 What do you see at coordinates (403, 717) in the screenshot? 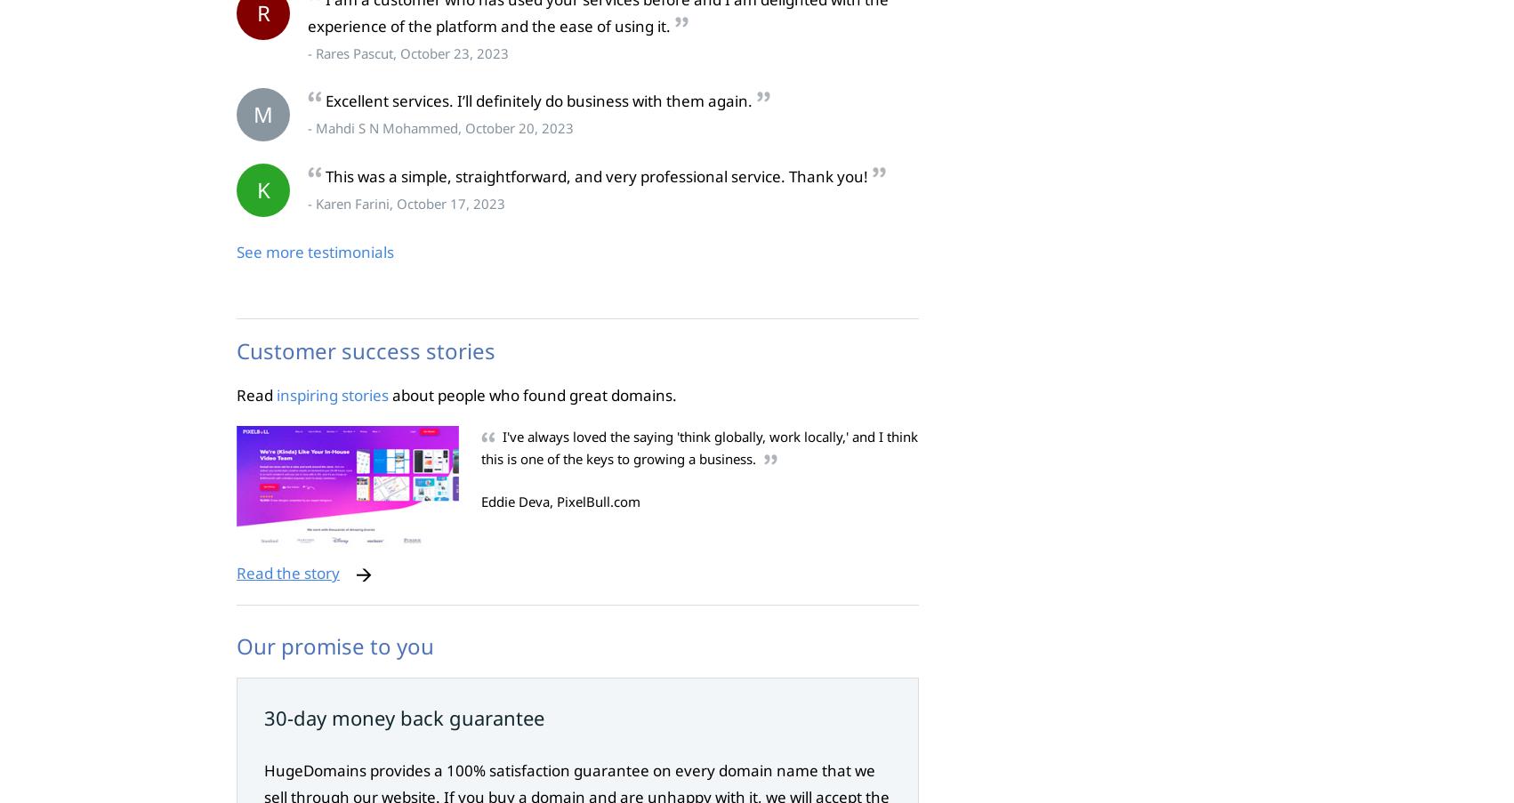
I see `'30-day money back guarantee'` at bounding box center [403, 717].